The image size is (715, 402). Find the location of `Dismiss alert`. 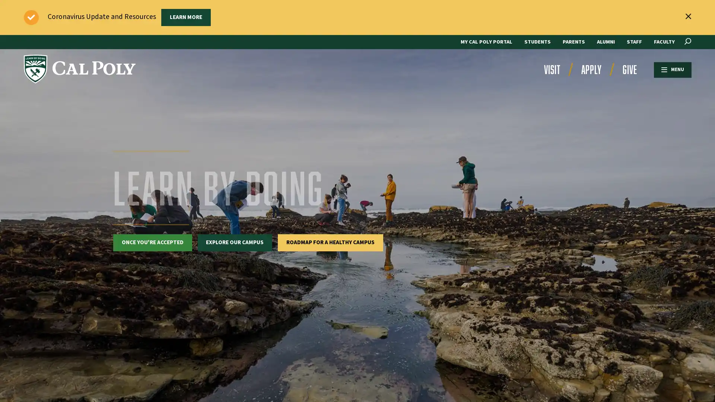

Dismiss alert is located at coordinates (688, 16).